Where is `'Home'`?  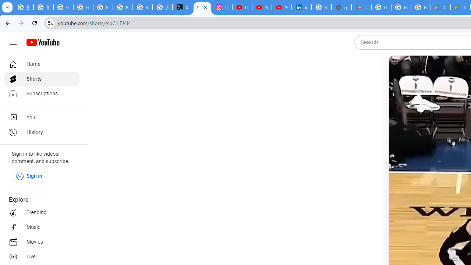
'Home' is located at coordinates (41, 64).